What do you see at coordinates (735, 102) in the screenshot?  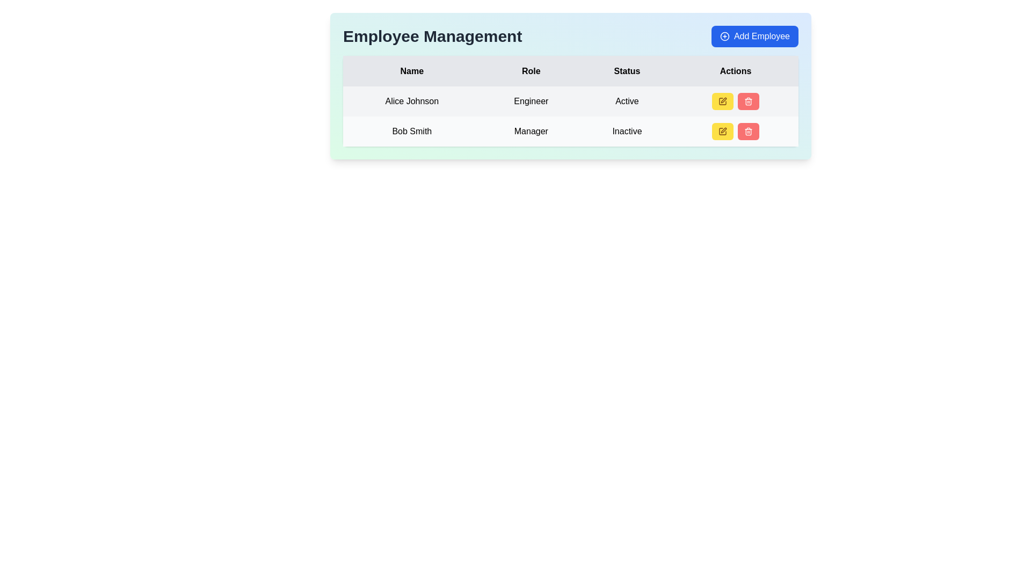 I see `the 'Edit' button in the 'Actions' column of the first row for the employee record of 'Alice Johnson'` at bounding box center [735, 102].